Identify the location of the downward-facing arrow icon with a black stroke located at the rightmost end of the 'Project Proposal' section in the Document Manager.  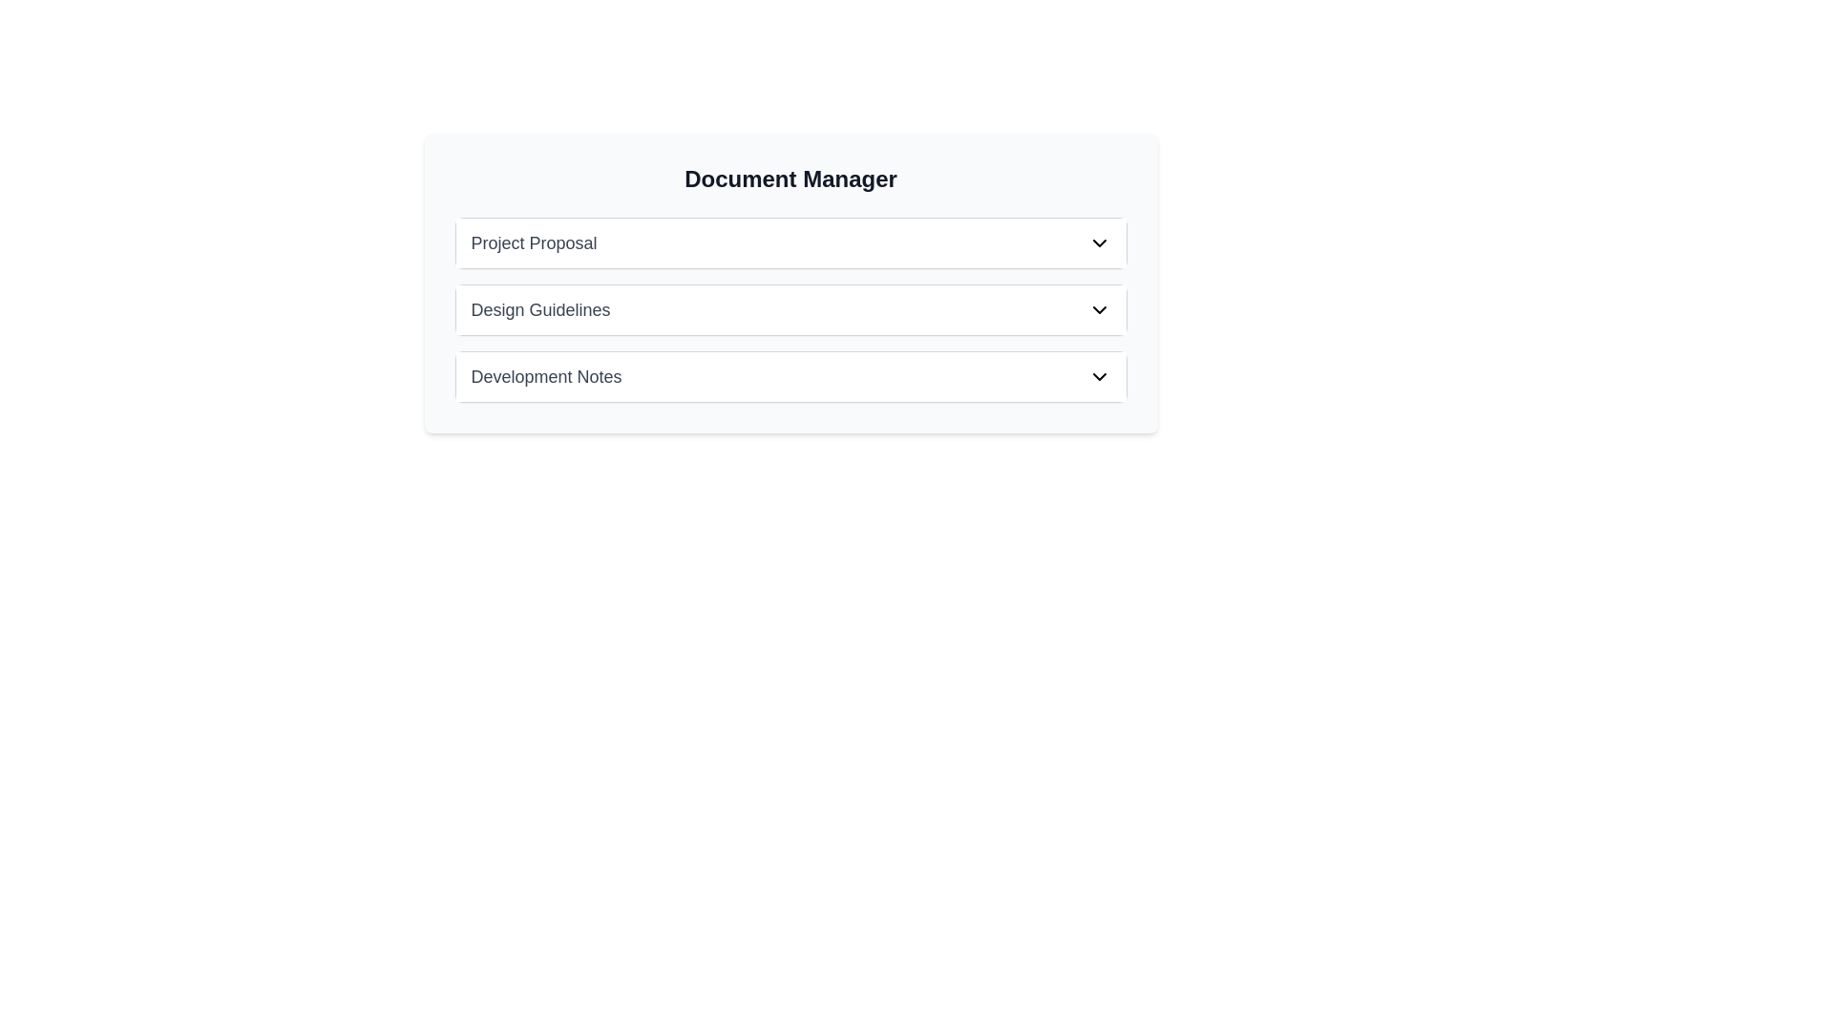
(1099, 242).